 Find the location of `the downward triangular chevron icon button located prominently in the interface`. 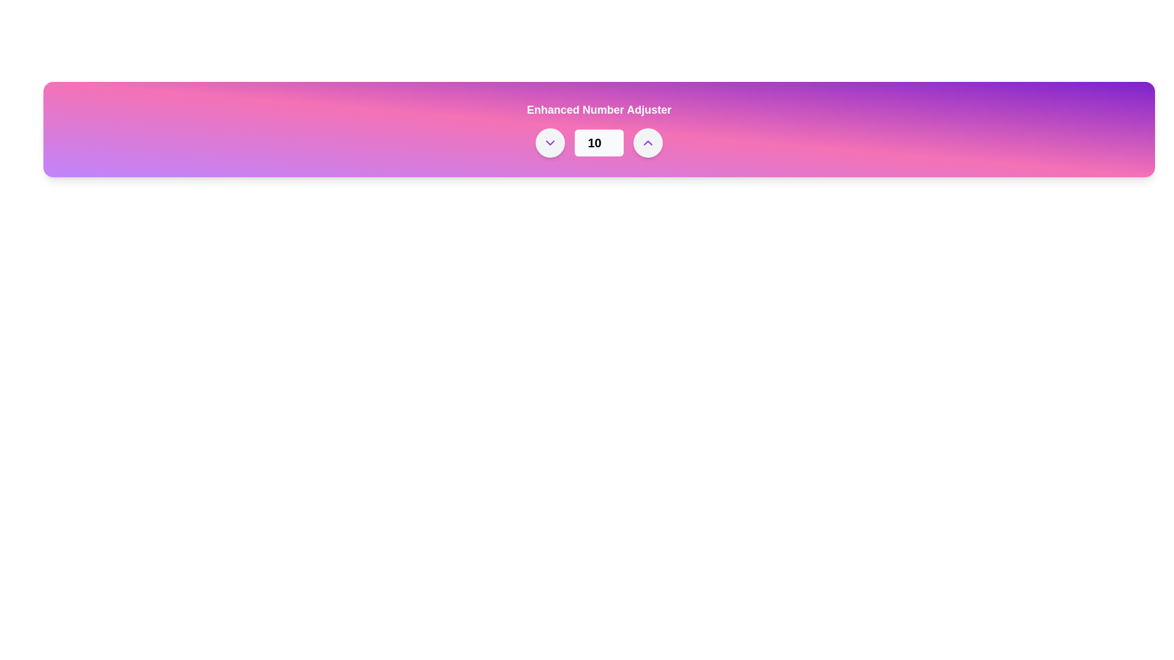

the downward triangular chevron icon button located prominently in the interface is located at coordinates (550, 142).